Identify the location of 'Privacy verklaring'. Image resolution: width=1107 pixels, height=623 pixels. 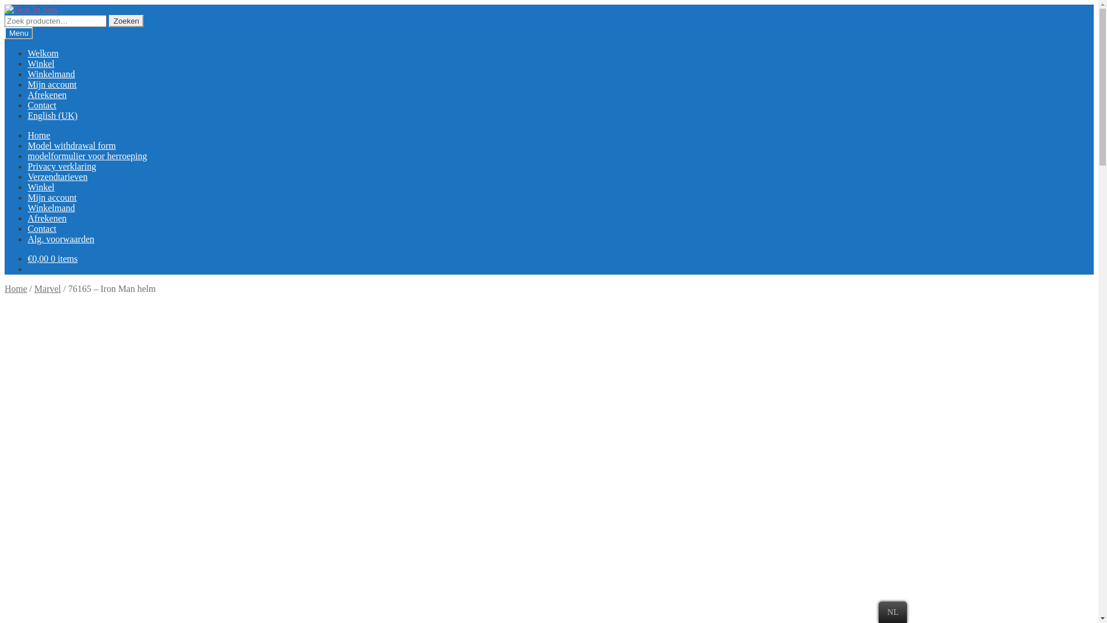
(28, 166).